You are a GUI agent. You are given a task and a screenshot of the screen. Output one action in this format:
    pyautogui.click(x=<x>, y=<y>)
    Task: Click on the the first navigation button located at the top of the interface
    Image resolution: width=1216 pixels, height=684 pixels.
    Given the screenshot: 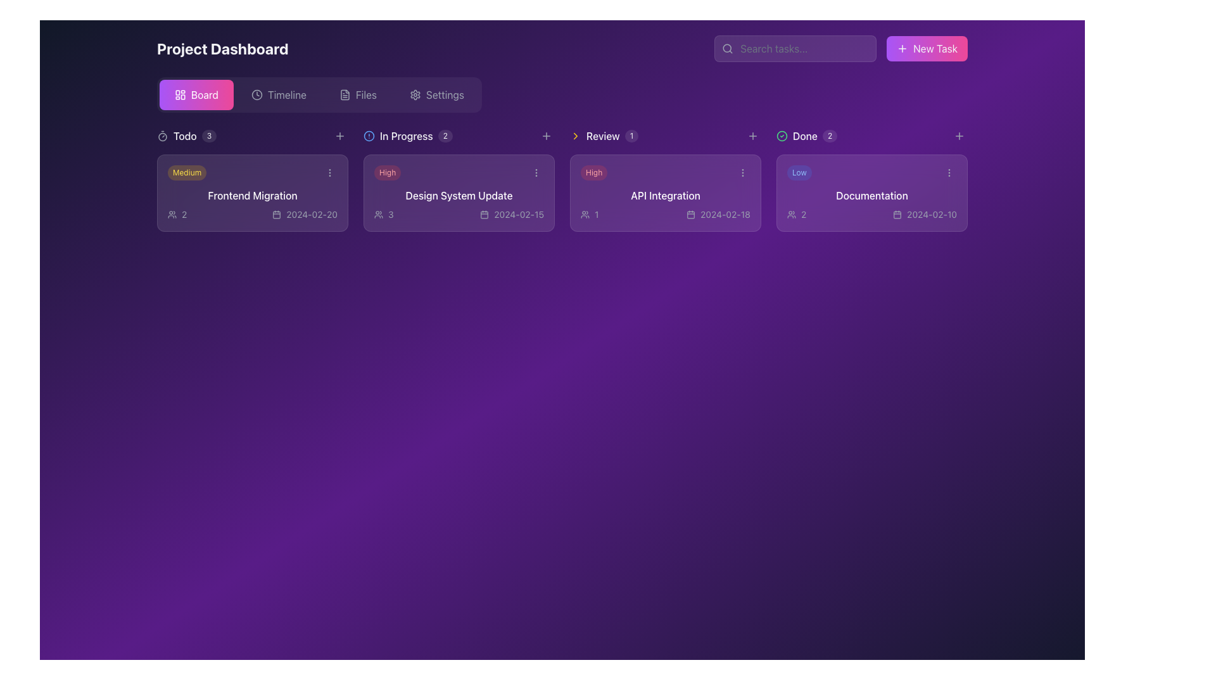 What is the action you would take?
    pyautogui.click(x=196, y=94)
    